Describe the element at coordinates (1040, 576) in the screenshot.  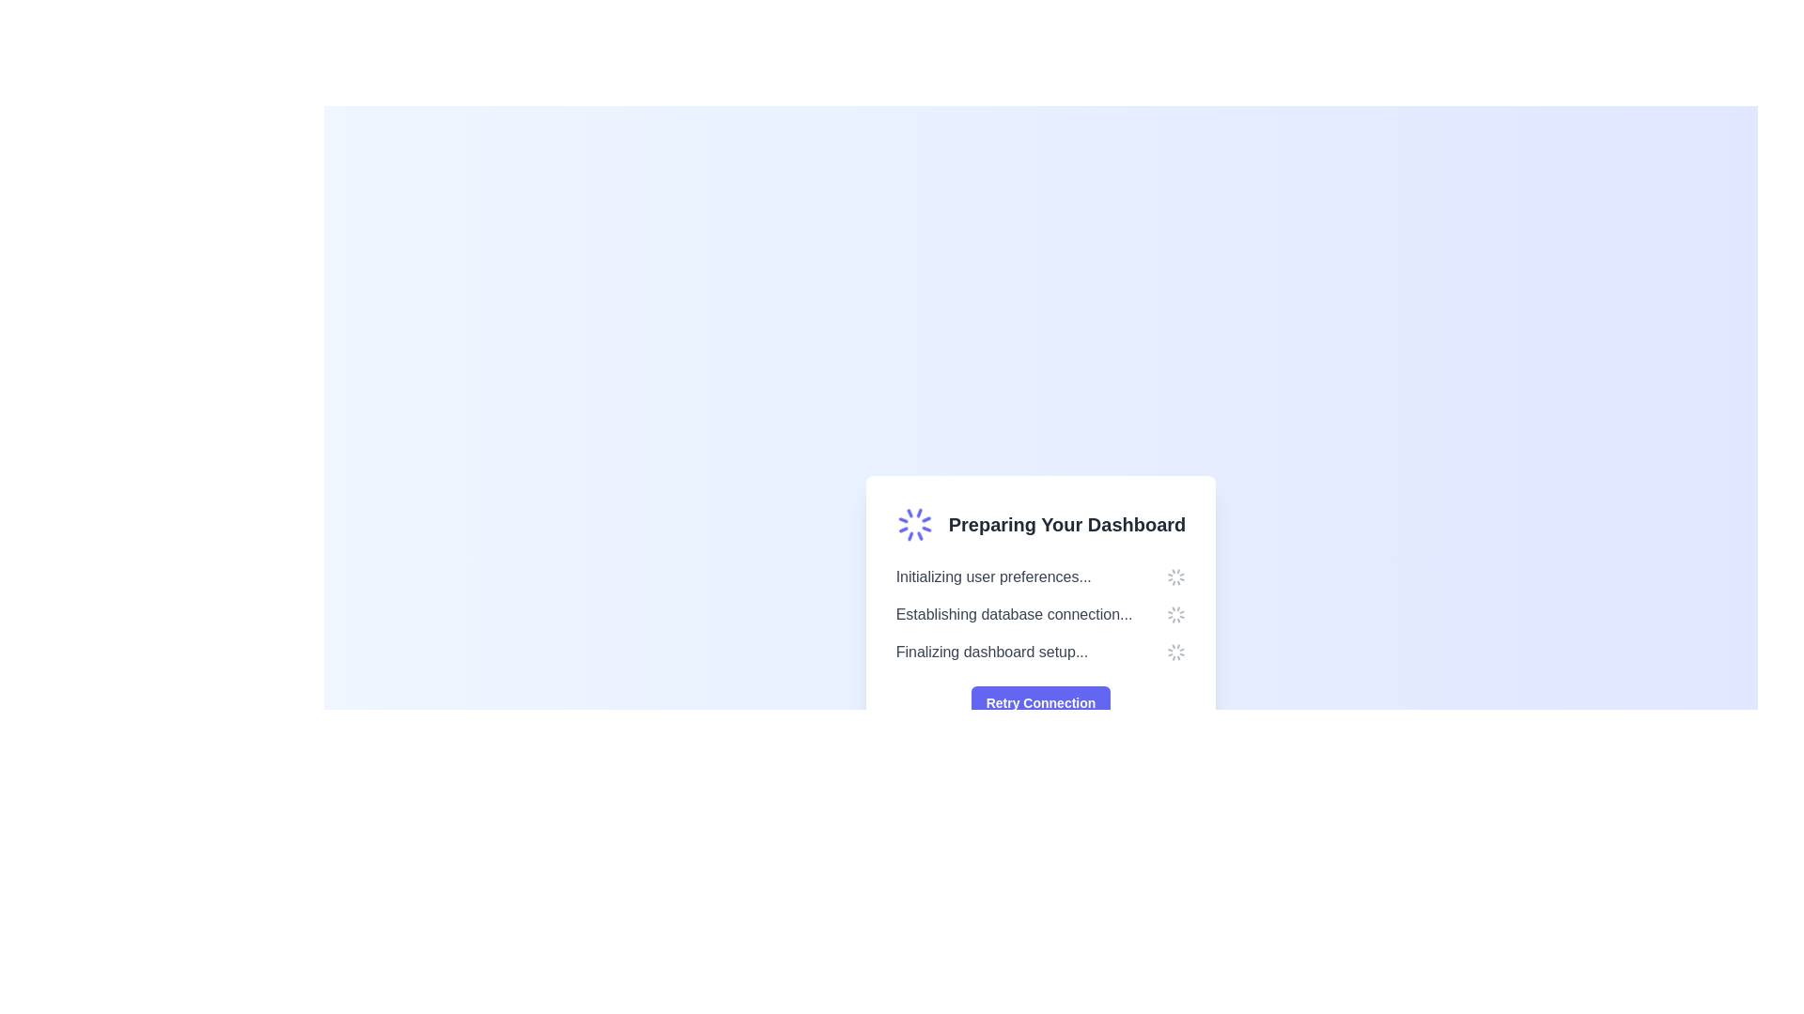
I see `Progress Status Text located at the top of the vertical list inside the card, which is indicated by the heading 'Preparing Your Dashboard' above it and a 'Retry Connection' button below` at that location.